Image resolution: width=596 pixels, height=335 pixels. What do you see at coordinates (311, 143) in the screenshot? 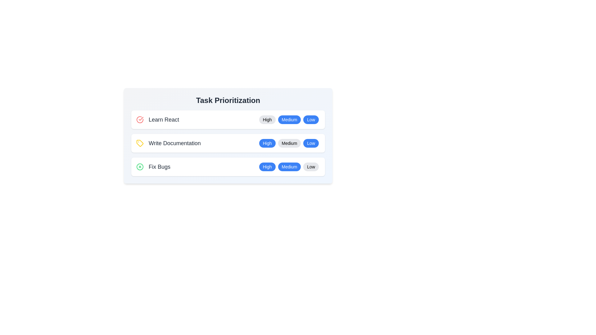
I see `the priority Low for the task Write Documentation` at bounding box center [311, 143].